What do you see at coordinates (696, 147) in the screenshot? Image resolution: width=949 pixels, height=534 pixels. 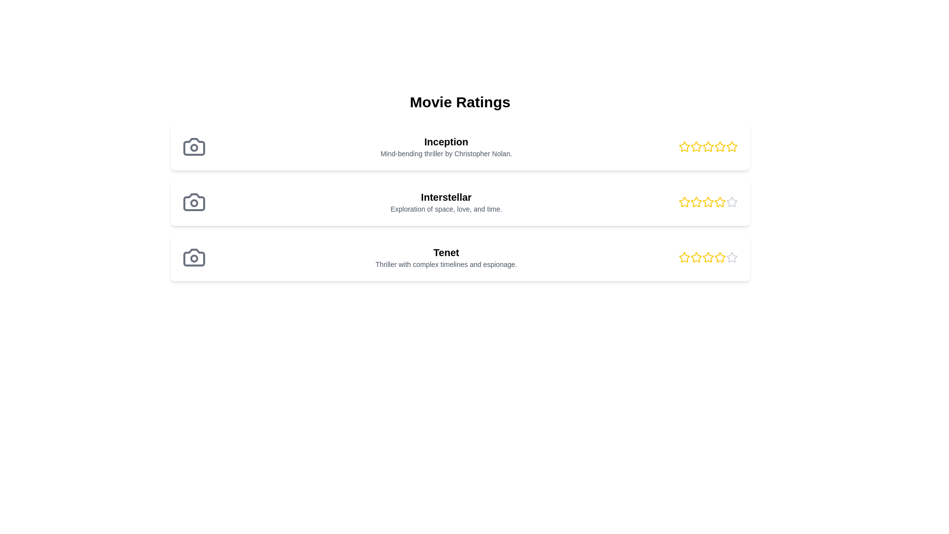 I see `the second star icon for rating in the 'Movie Ratings' section to rate the movie 'Inception'` at bounding box center [696, 147].